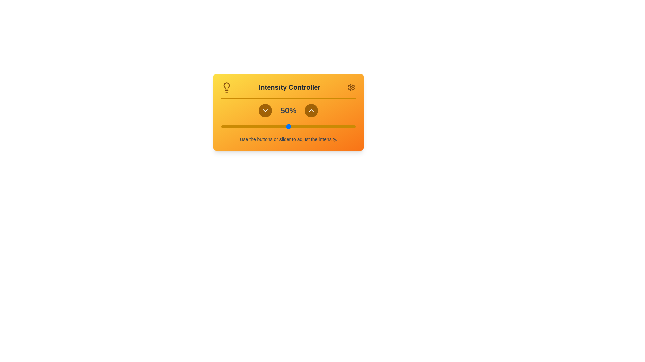 The image size is (645, 362). Describe the element at coordinates (303, 127) in the screenshot. I see `the intensity` at that location.